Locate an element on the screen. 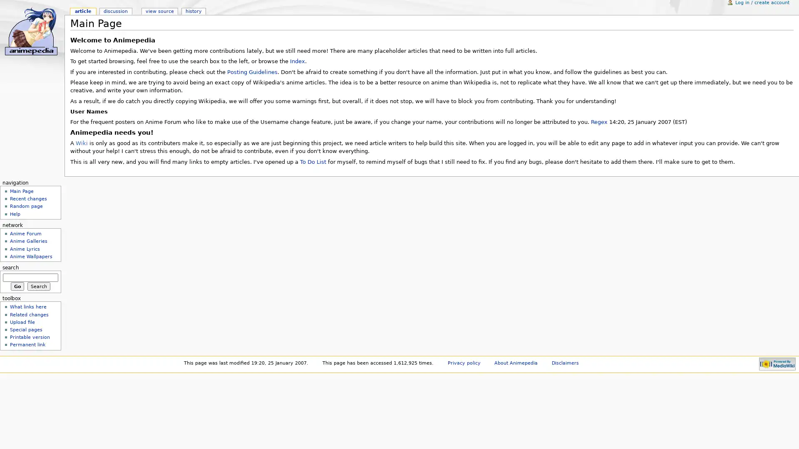 The image size is (799, 449). Go is located at coordinates (17, 285).